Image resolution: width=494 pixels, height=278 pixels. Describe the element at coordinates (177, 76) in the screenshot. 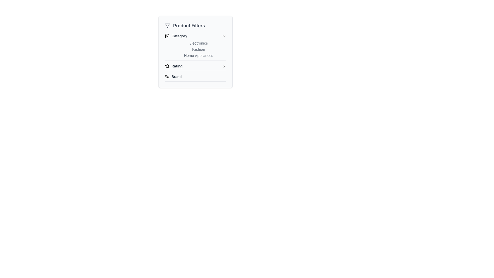

I see `the text label displaying 'Brand' located under the 'Rating' section` at that location.